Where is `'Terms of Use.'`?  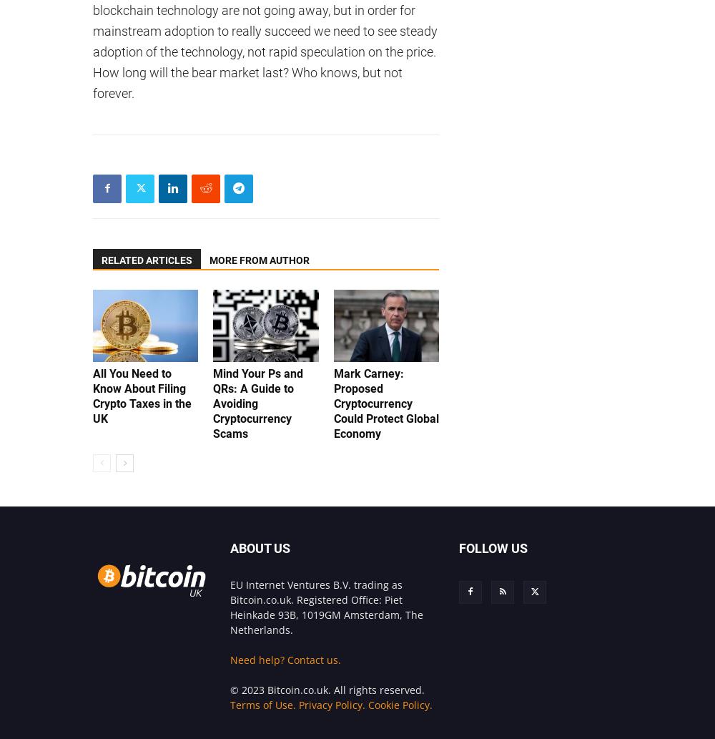 'Terms of Use.' is located at coordinates (230, 703).